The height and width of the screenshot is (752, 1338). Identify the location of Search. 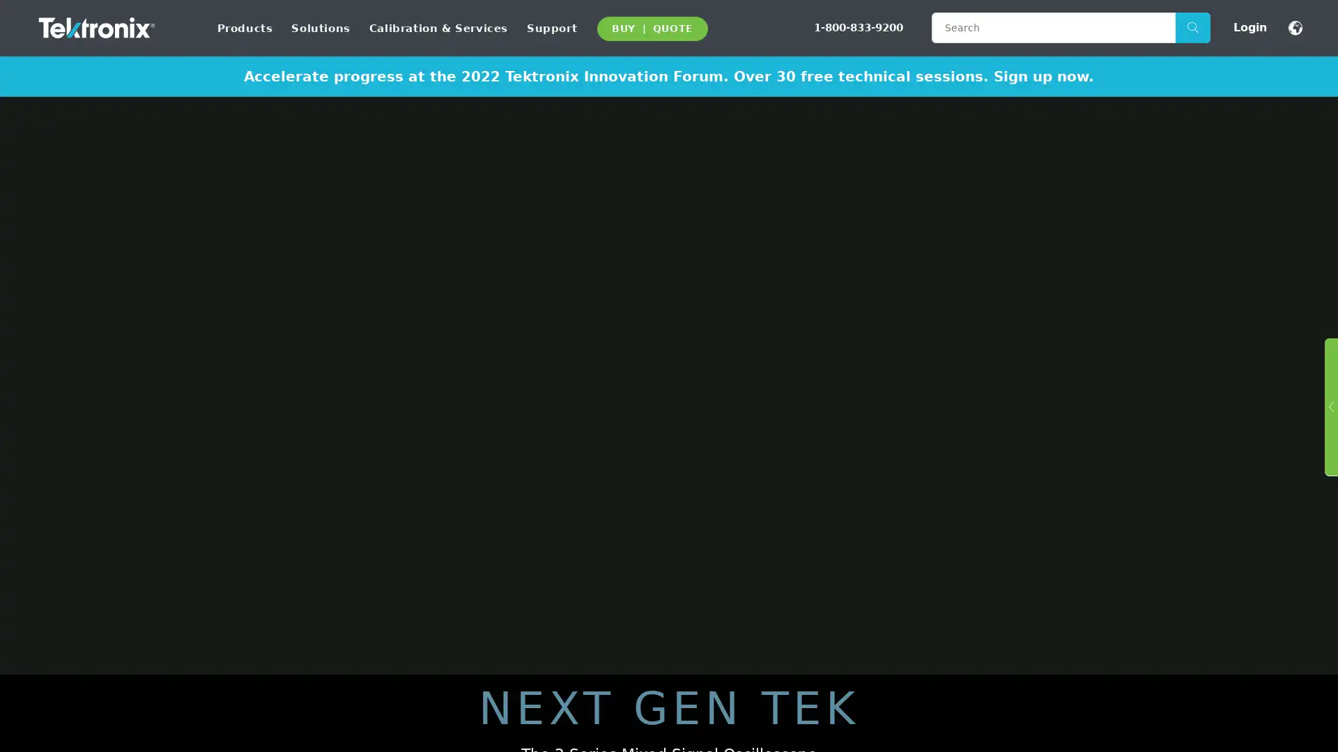
(1197, 27).